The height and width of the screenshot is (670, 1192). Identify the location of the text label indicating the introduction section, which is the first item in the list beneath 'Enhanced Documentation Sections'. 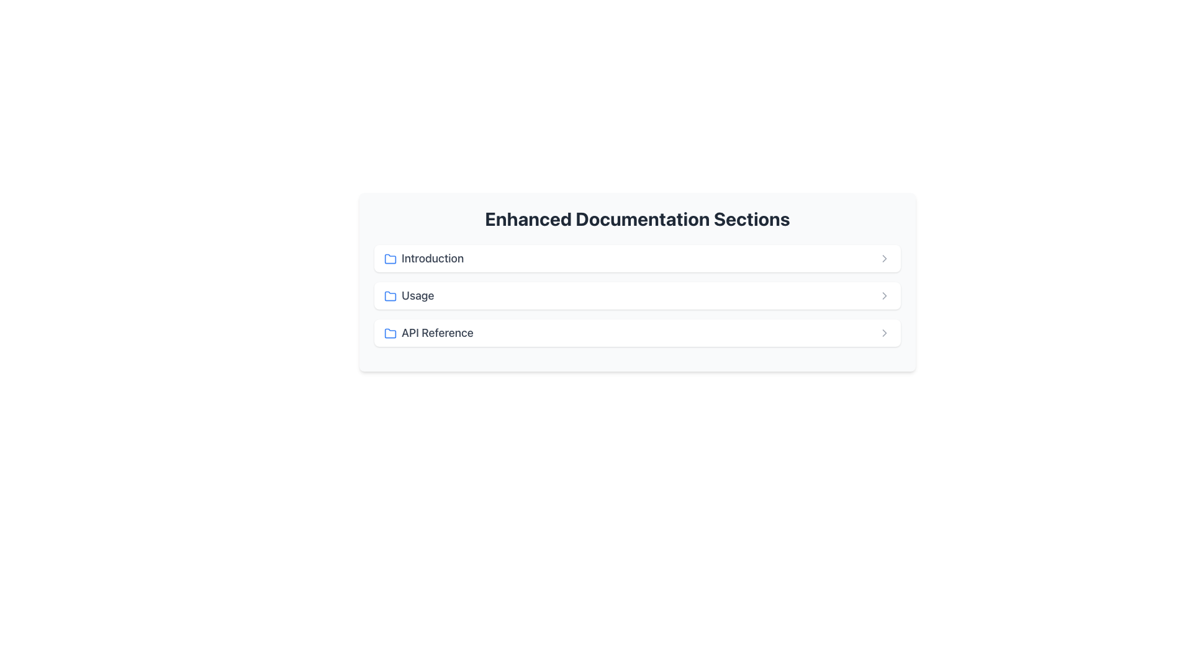
(424, 257).